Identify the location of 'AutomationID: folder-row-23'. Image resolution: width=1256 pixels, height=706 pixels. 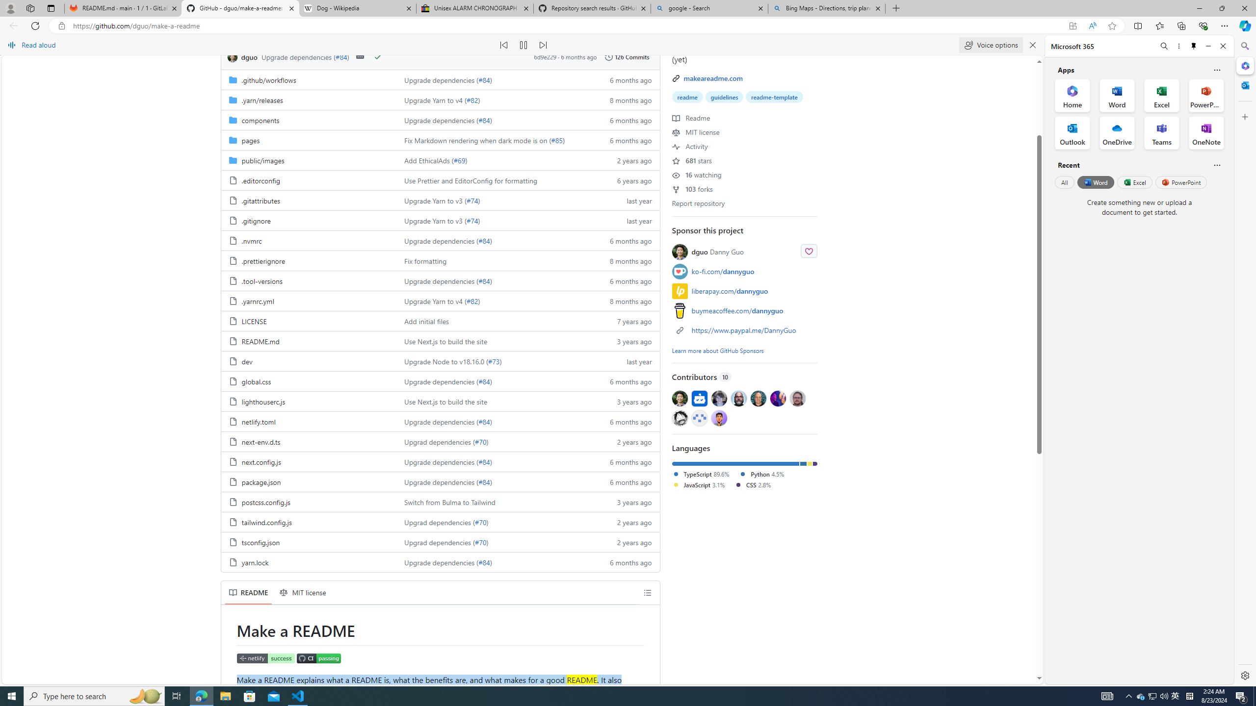
(440, 541).